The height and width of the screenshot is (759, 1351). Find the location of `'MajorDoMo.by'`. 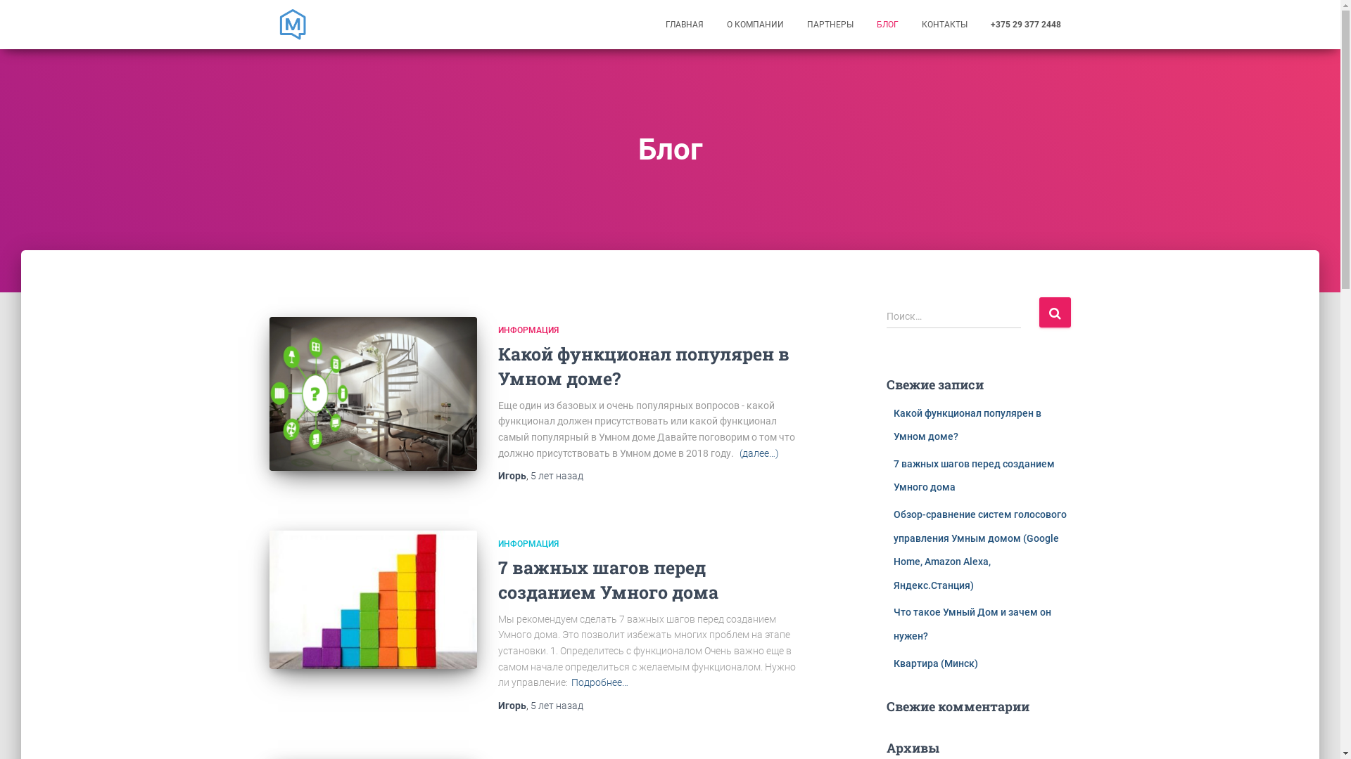

'MajorDoMo.by' is located at coordinates (291, 24).